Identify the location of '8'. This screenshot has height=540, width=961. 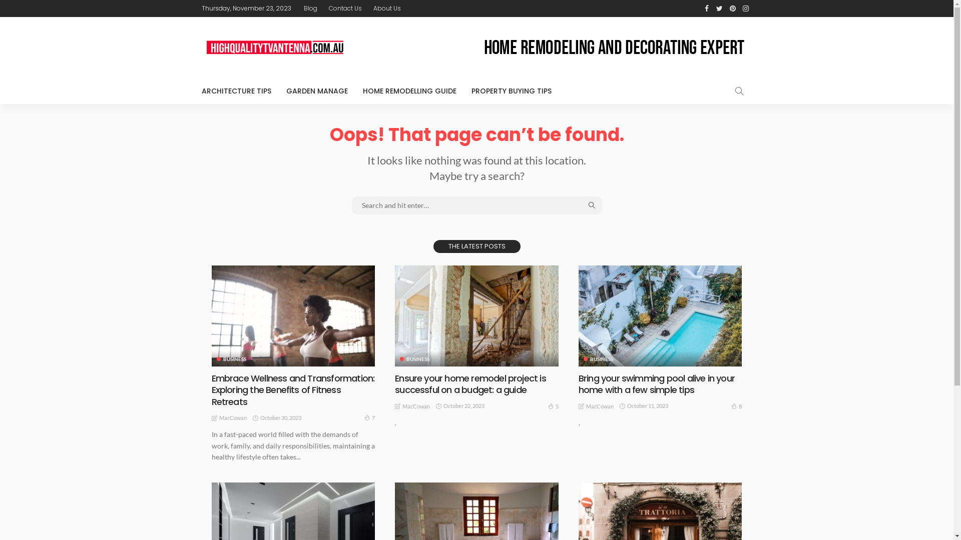
(736, 406).